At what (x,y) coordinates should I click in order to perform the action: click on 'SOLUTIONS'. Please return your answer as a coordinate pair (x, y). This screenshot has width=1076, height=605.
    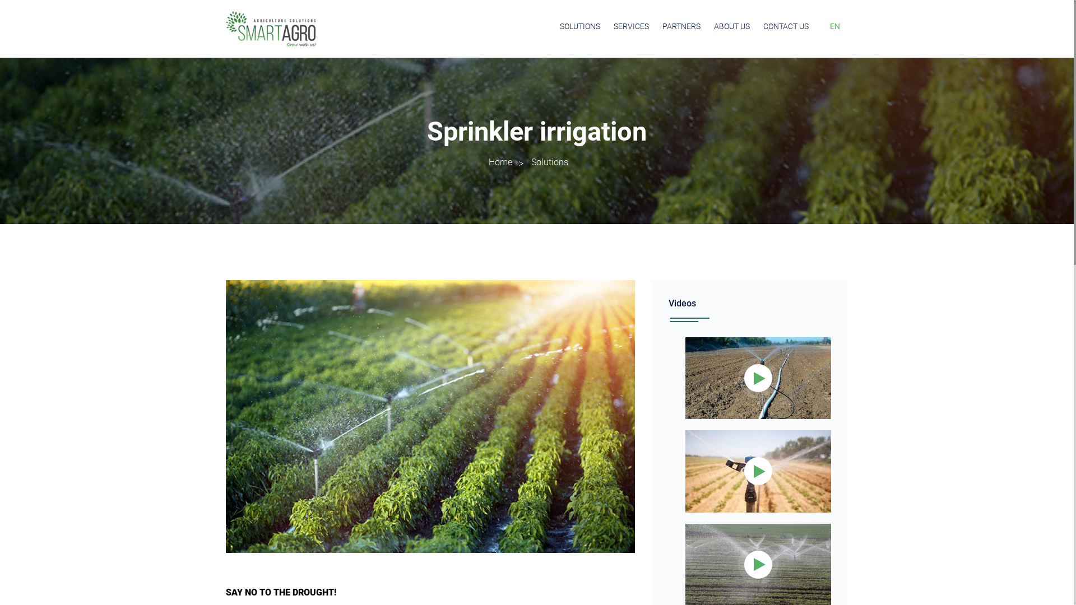
    Looking at the image, I should click on (580, 25).